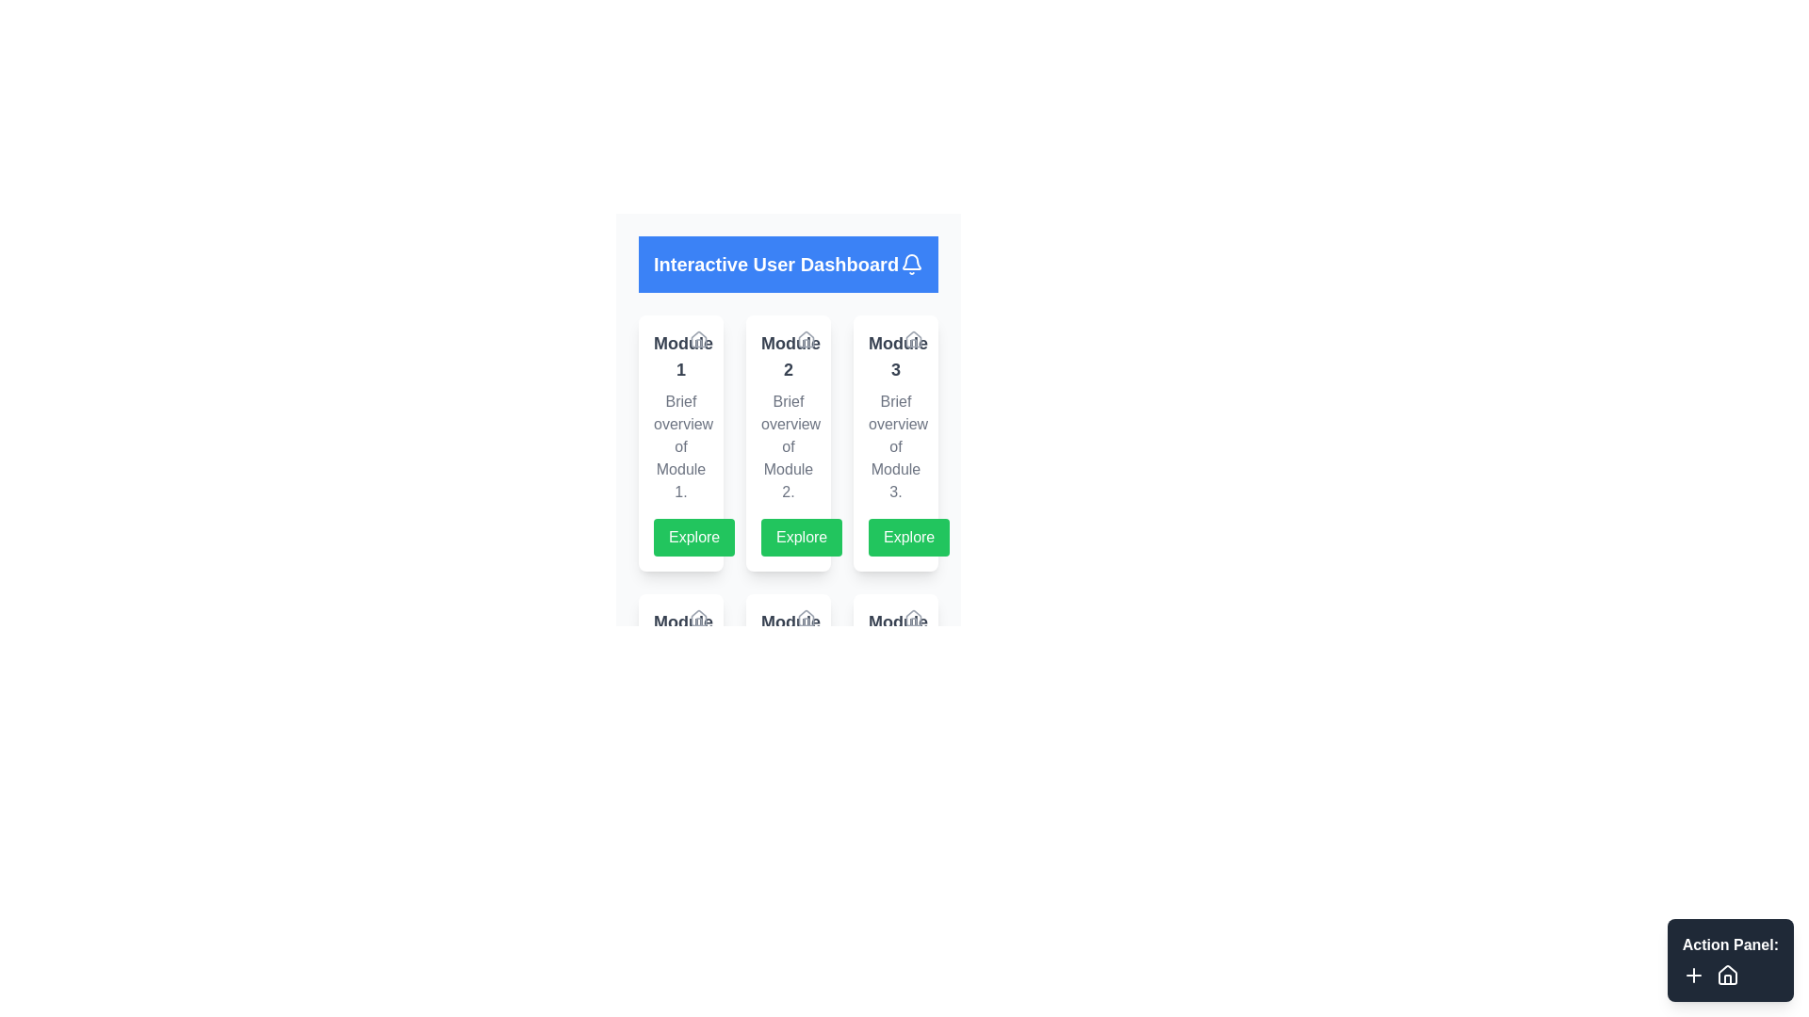 This screenshot has width=1809, height=1017. Describe the element at coordinates (802, 537) in the screenshot. I see `the 'Explore' button located at the bottom of the 'Module 2' card, which is a green rectangular button with rounded corners and white centered text` at that location.